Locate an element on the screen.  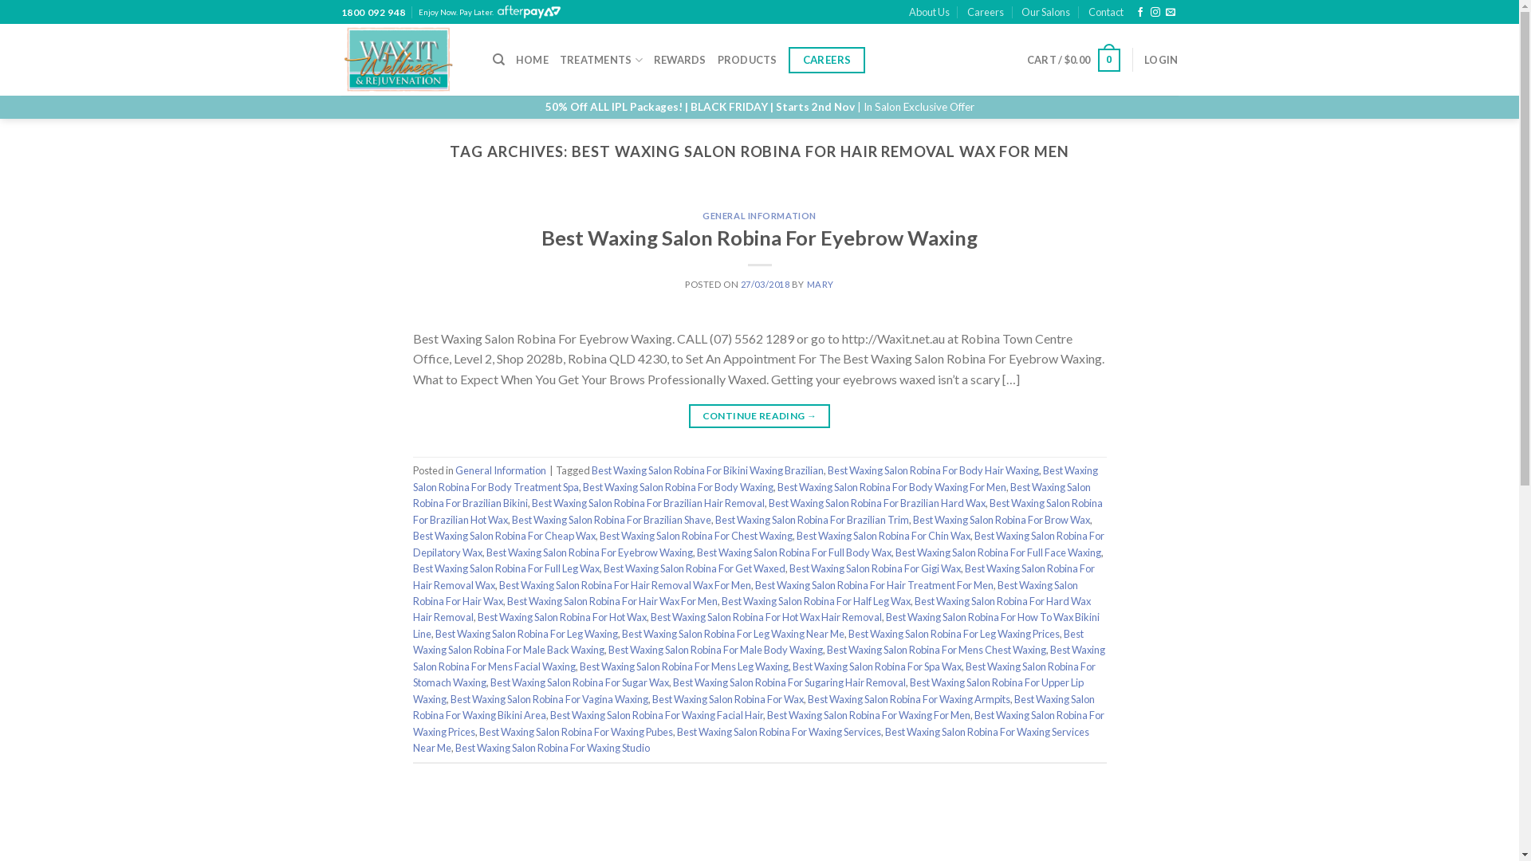
'Best Waxing Salon Robina For Get Waxed' is located at coordinates (693, 568).